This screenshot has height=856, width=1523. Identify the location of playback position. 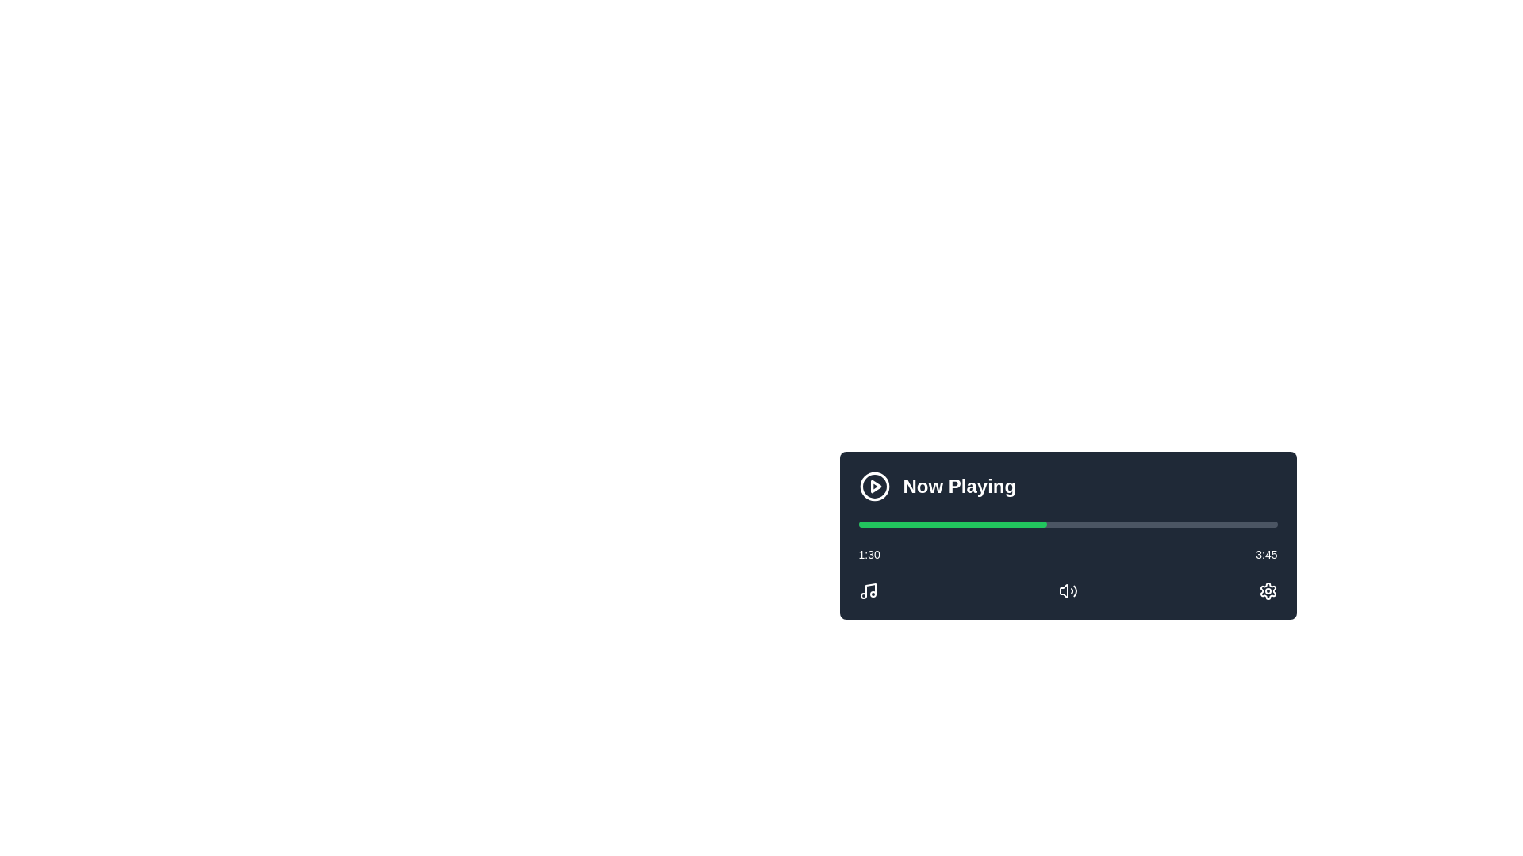
(1042, 525).